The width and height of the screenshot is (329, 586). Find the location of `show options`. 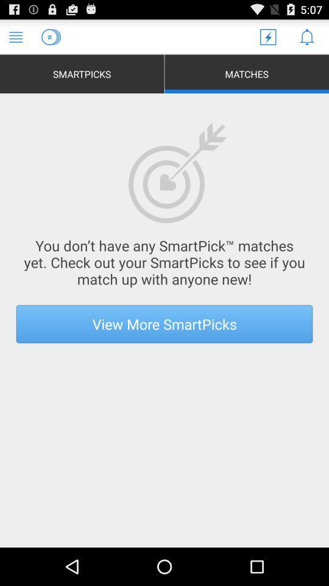

show options is located at coordinates (15, 36).